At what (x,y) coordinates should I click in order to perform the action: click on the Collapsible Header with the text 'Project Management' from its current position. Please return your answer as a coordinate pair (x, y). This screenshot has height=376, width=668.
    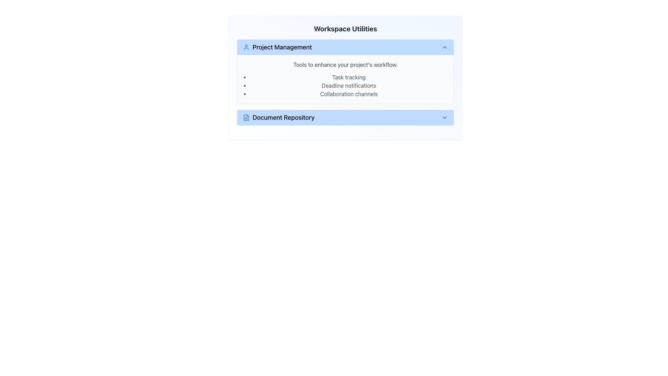
    Looking at the image, I should click on (345, 47).